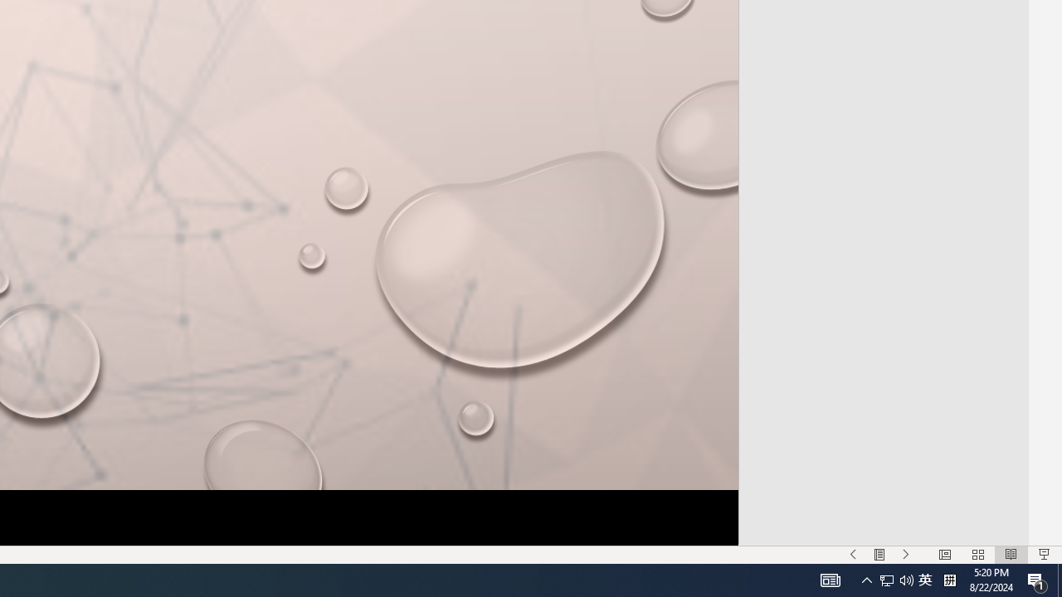 Image resolution: width=1062 pixels, height=597 pixels. What do you see at coordinates (905, 555) in the screenshot?
I see `'Slide Show Next On'` at bounding box center [905, 555].